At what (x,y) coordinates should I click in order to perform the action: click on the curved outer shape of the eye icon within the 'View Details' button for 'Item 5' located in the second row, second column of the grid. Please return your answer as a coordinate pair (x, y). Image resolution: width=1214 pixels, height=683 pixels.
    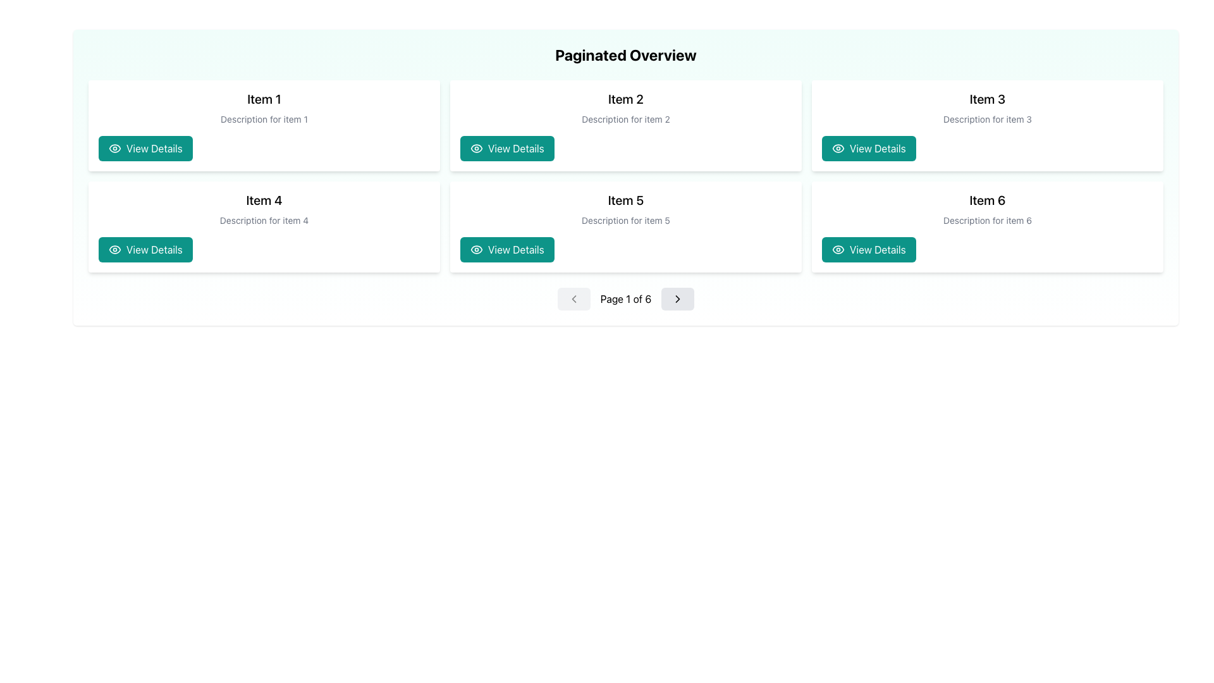
    Looking at the image, I should click on (475, 249).